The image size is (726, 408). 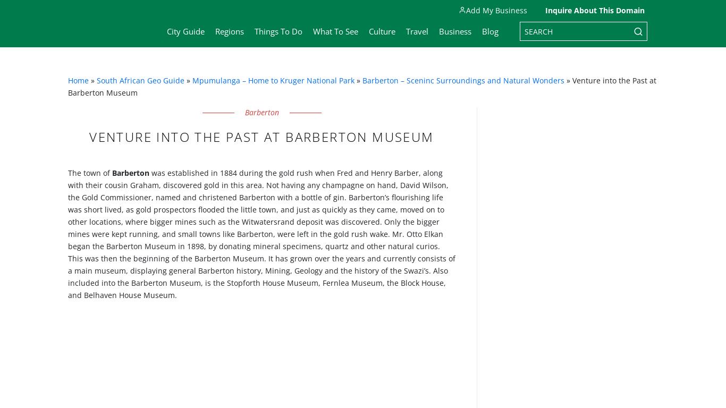 What do you see at coordinates (594, 10) in the screenshot?
I see `'Inquire About This Domain'` at bounding box center [594, 10].